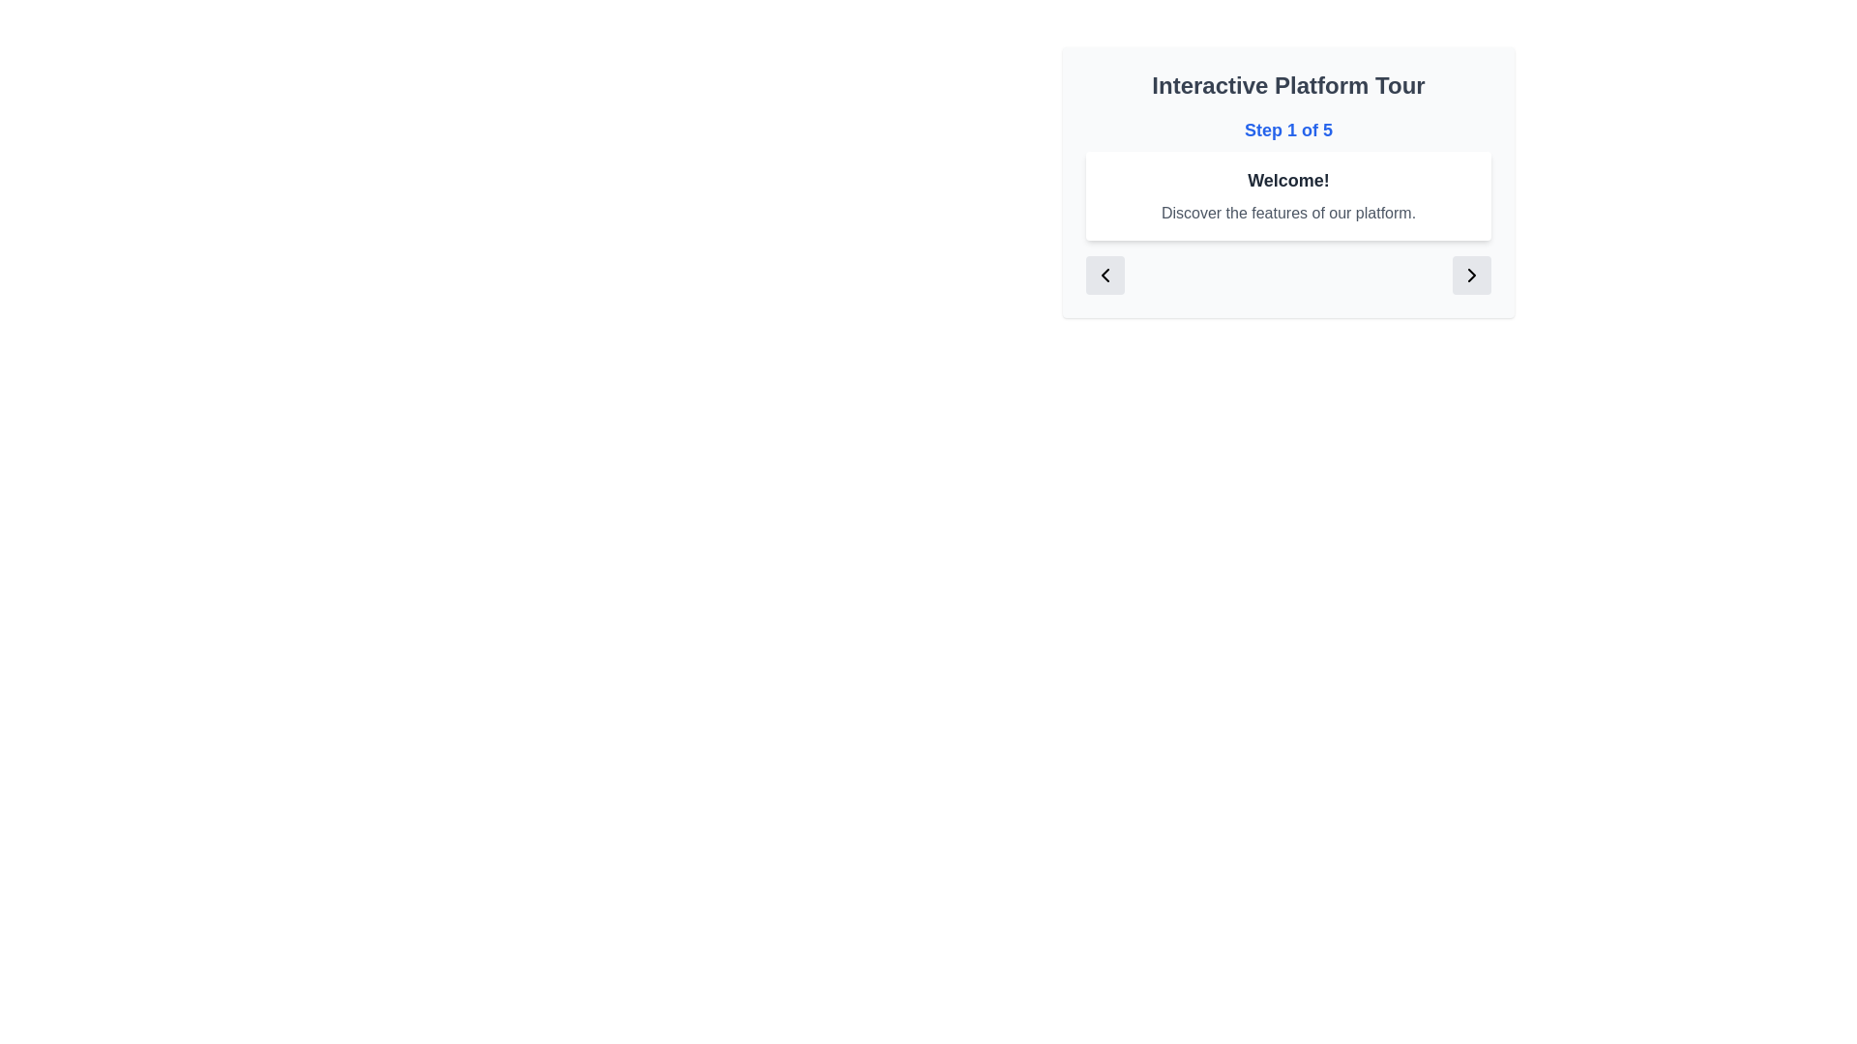  I want to click on the backward navigation icon button located inside the gray rounded button at the lower-left corner of the card-like interface box labeled 'Interactive Platform Tour', so click(1105, 275).